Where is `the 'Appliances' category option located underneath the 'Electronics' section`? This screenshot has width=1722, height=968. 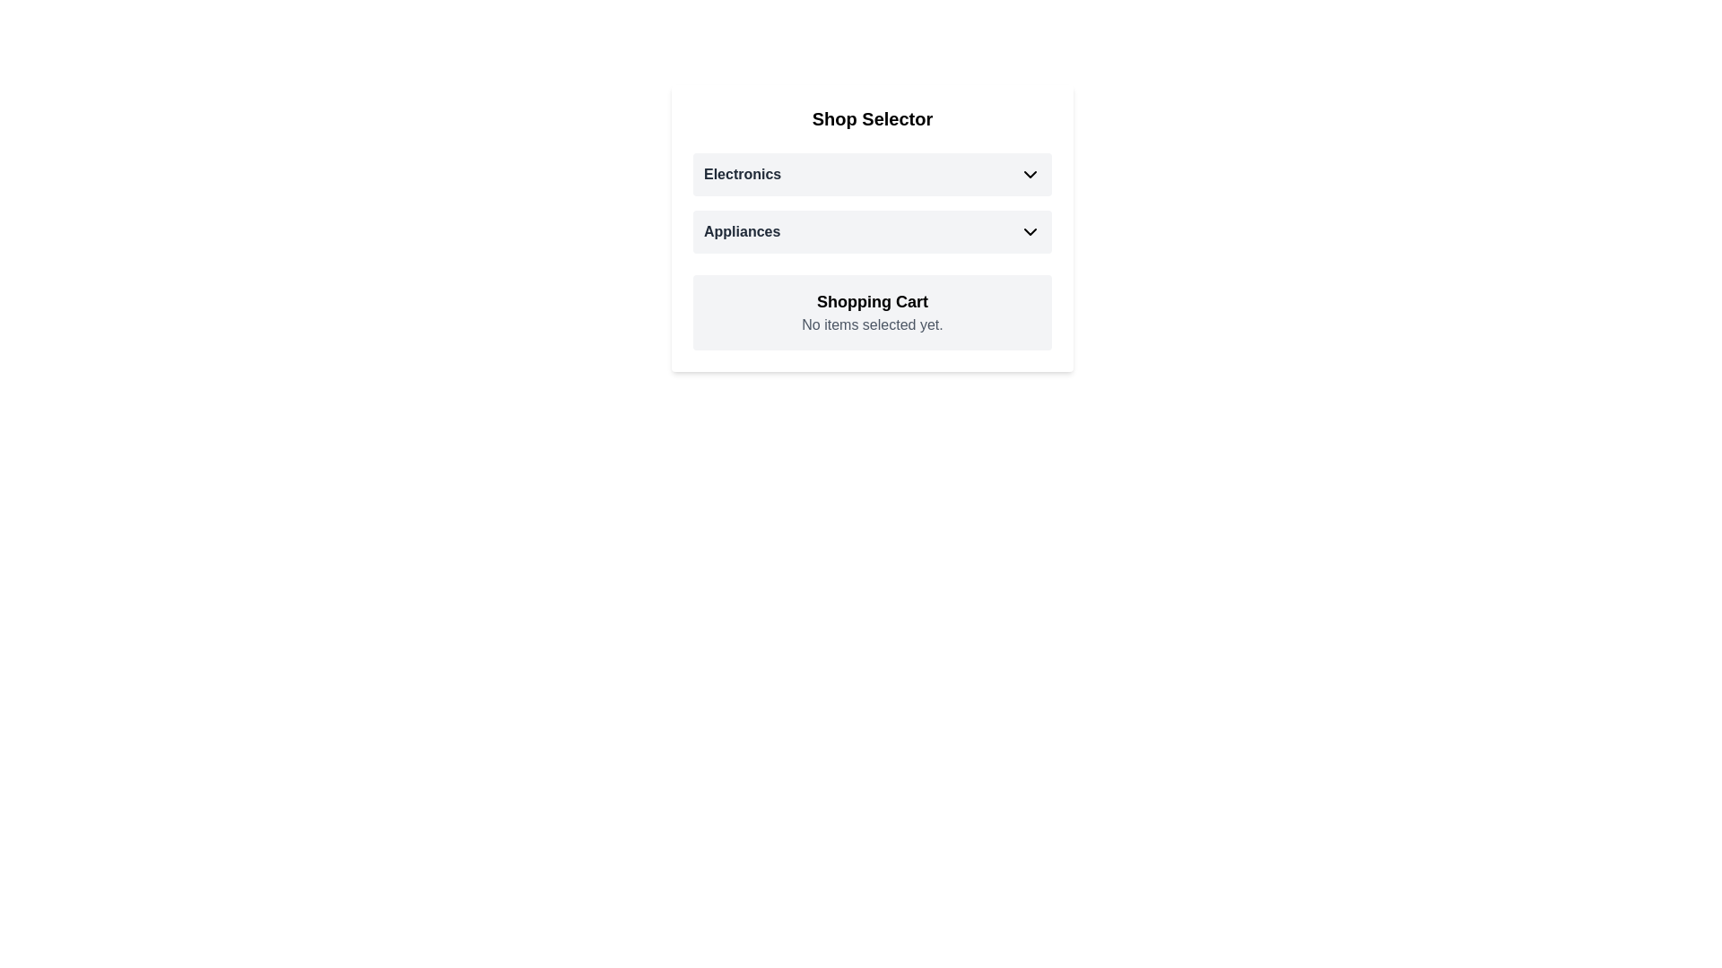 the 'Appliances' category option located underneath the 'Electronics' section is located at coordinates (873, 230).